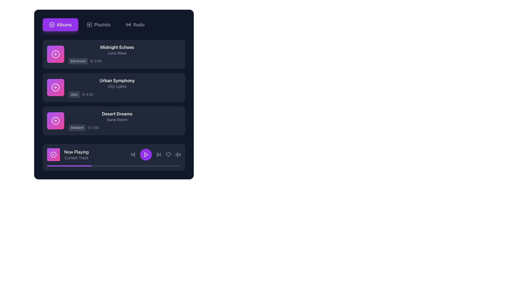 The image size is (516, 290). Describe the element at coordinates (93, 128) in the screenshot. I see `text label '3:55' which is styled with a small font size and gray color, located next to a small clock icon in the track information for 'Desert Dreams'` at that location.